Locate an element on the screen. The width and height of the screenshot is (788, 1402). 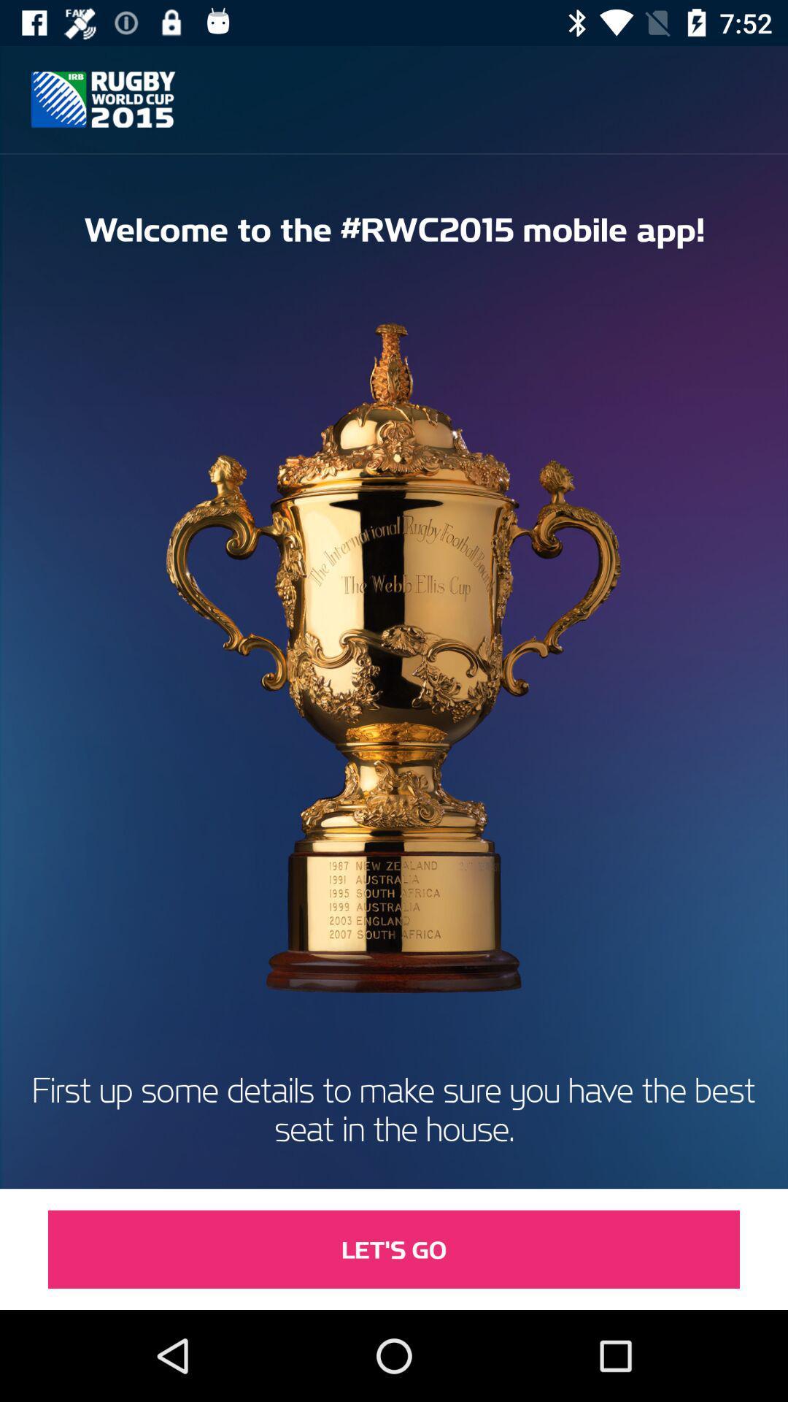
the let's go is located at coordinates (394, 1249).